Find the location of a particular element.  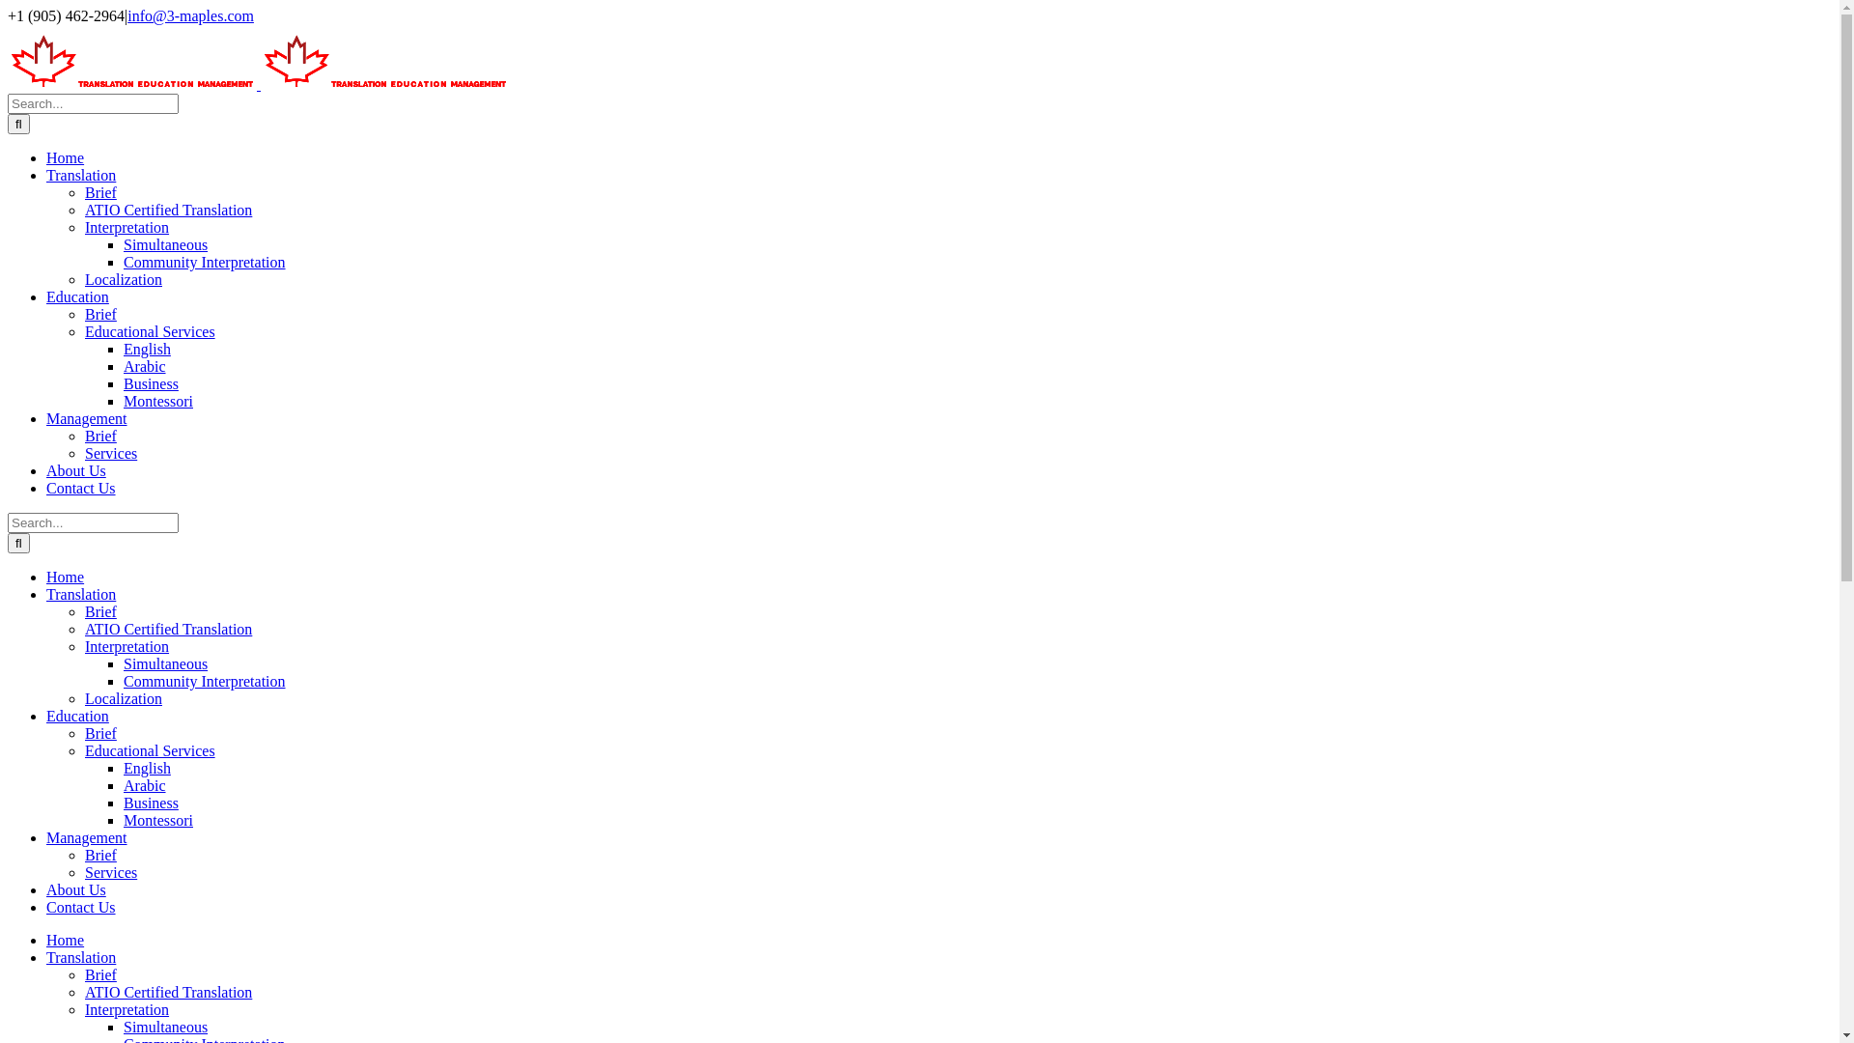

'Community Interpretation' is located at coordinates (204, 262).